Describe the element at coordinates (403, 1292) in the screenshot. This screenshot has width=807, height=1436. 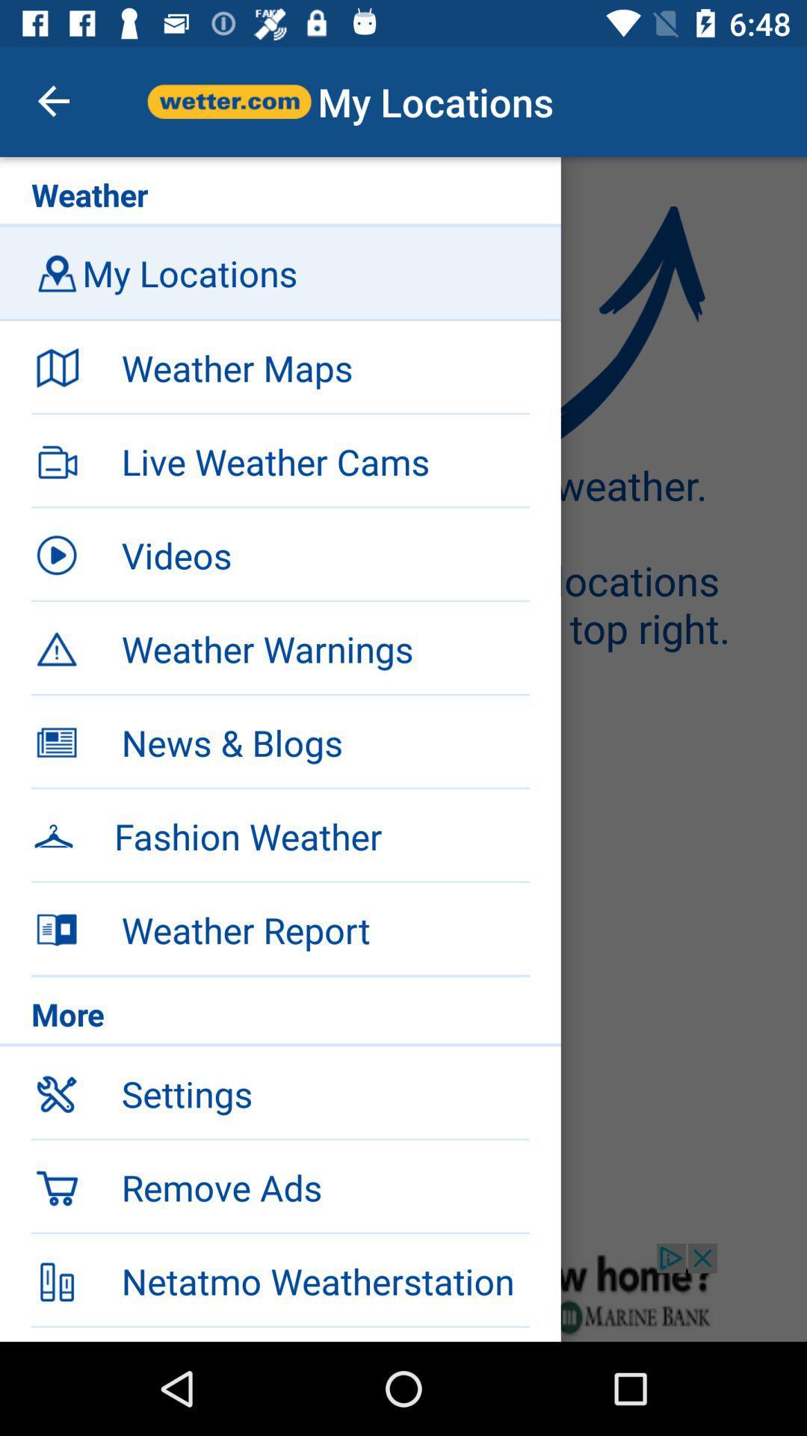
I see `change netatmo weatherstation settings` at that location.